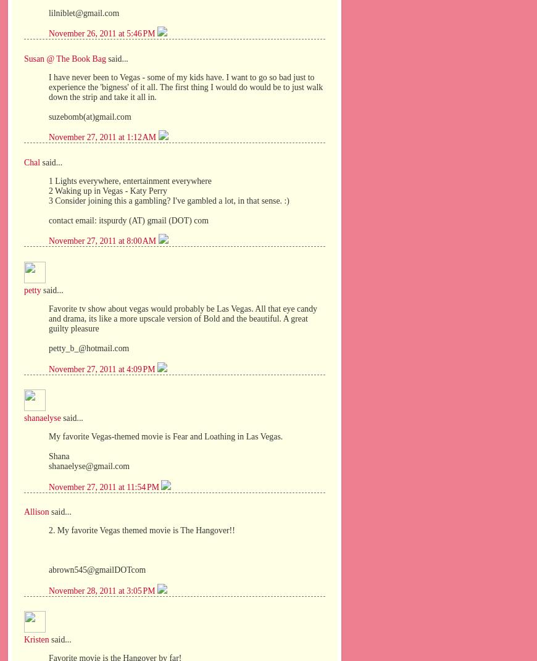  Describe the element at coordinates (48, 465) in the screenshot. I see `'shanaelyse@gmail.com'` at that location.